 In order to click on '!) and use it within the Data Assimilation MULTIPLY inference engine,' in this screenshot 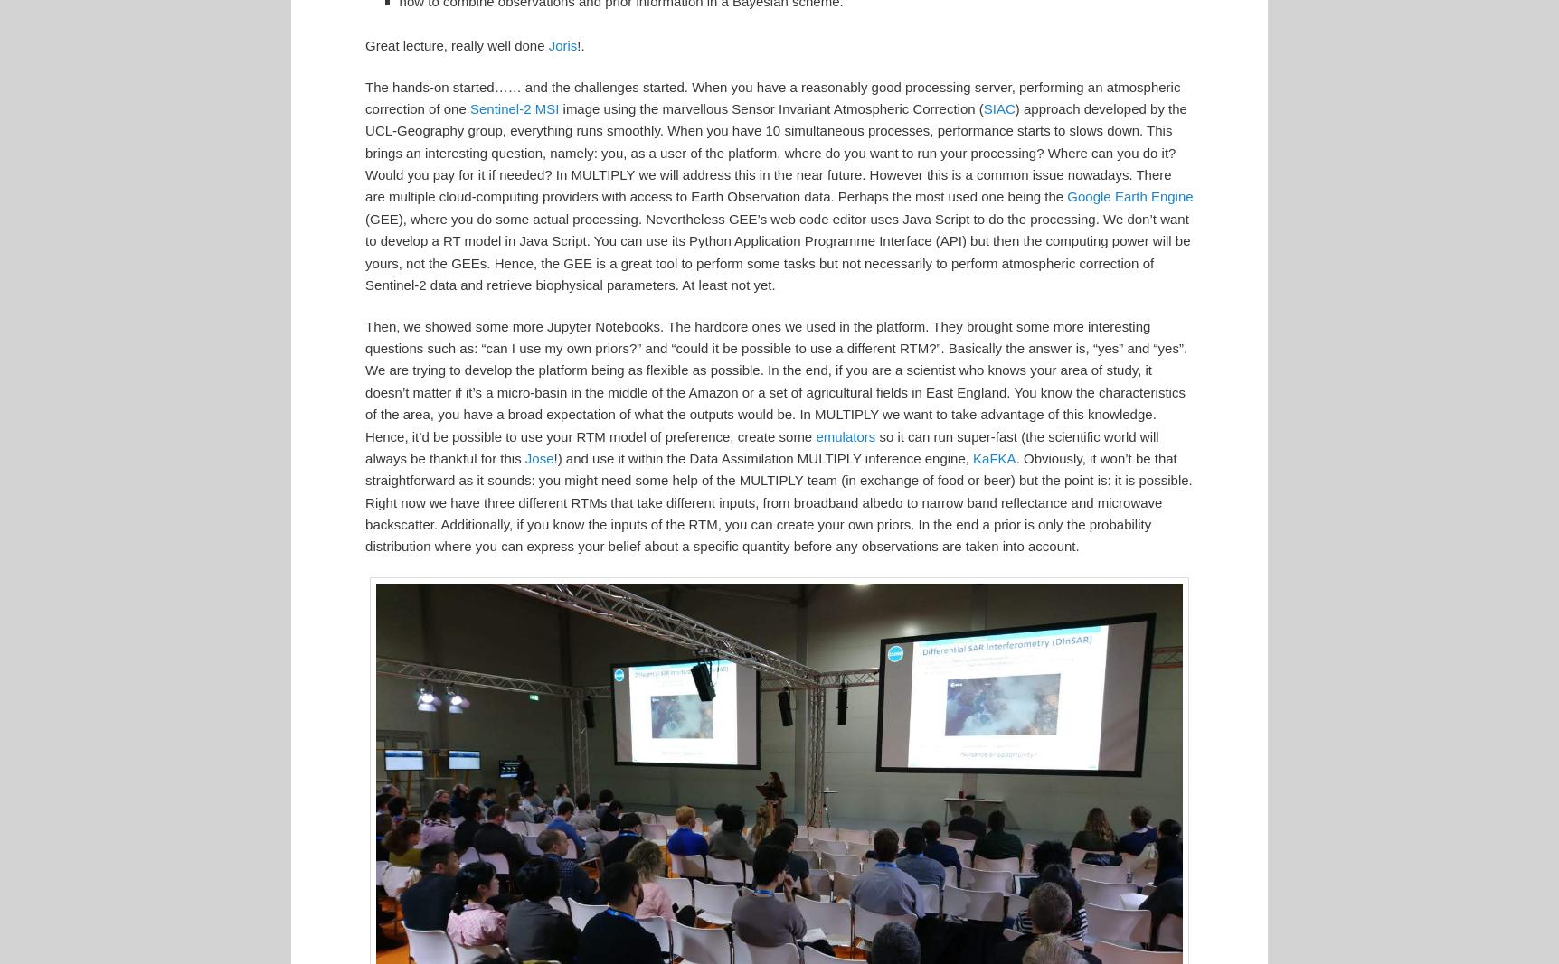, I will do `click(762, 456)`.